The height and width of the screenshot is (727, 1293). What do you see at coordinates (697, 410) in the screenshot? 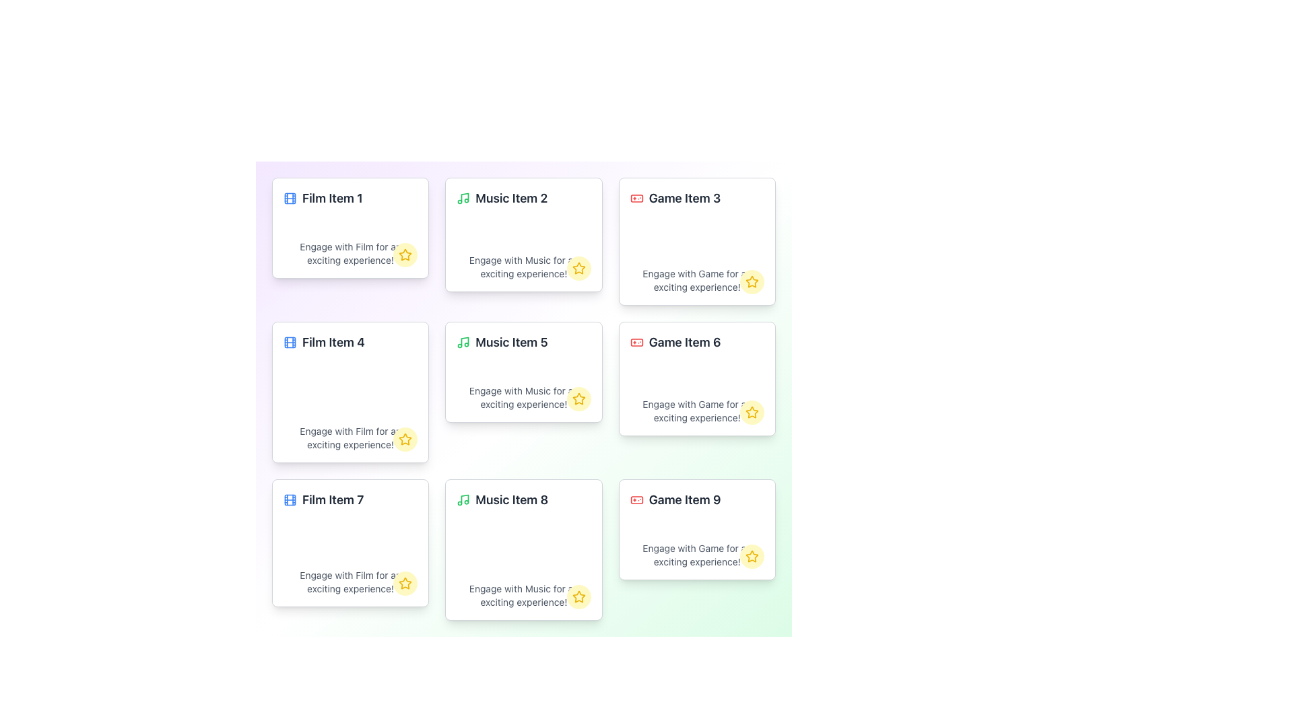
I see `text label located at the bottom of the card for 'Game Item 6', which is centered horizontally and positioned above the star icon` at bounding box center [697, 410].